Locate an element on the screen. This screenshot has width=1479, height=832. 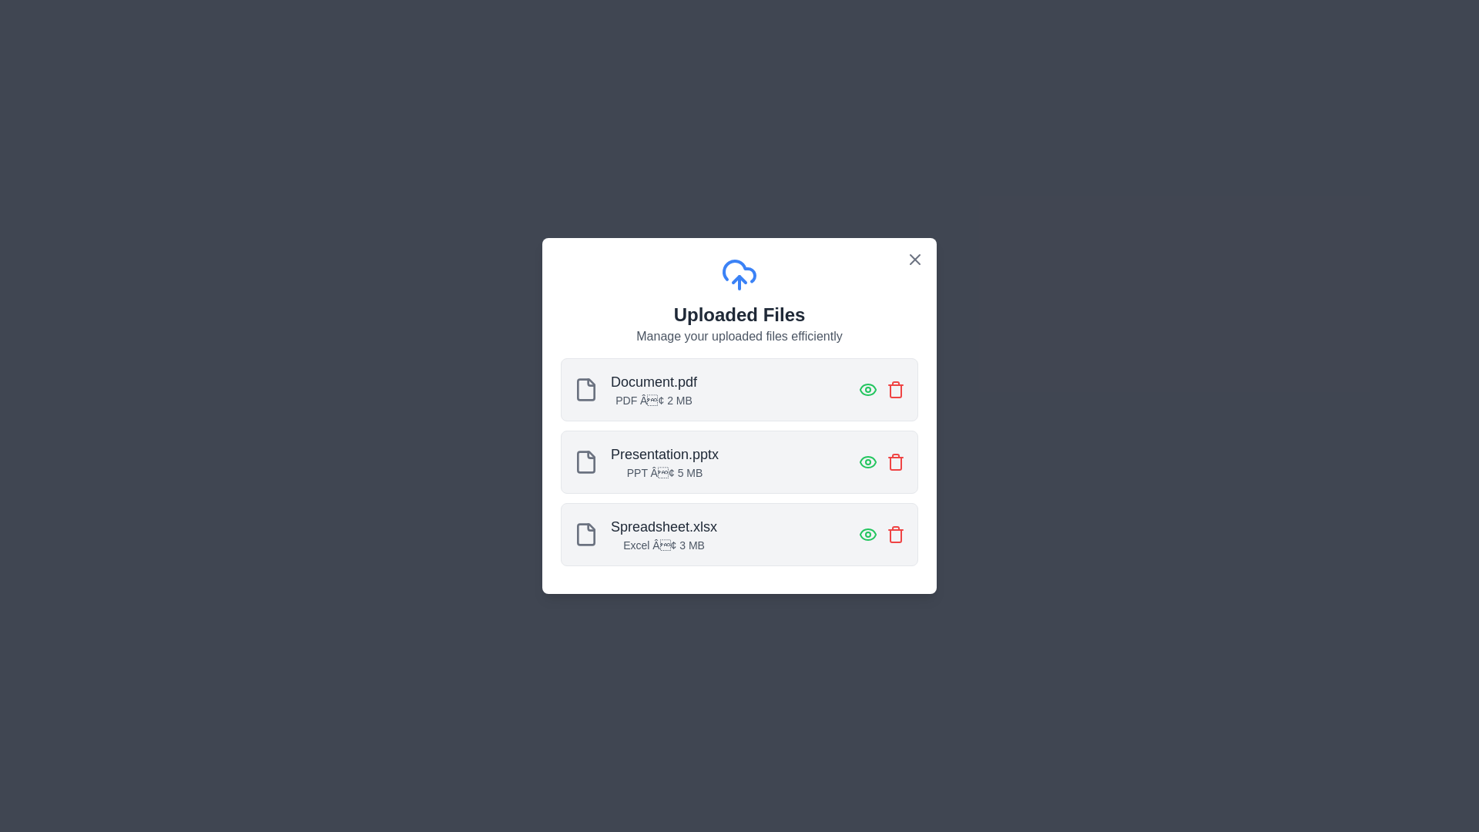
the document outline icon, which is light gray, rounded, and located to the left of the text 'Document.pdf' in the file list interface is located at coordinates (585, 388).